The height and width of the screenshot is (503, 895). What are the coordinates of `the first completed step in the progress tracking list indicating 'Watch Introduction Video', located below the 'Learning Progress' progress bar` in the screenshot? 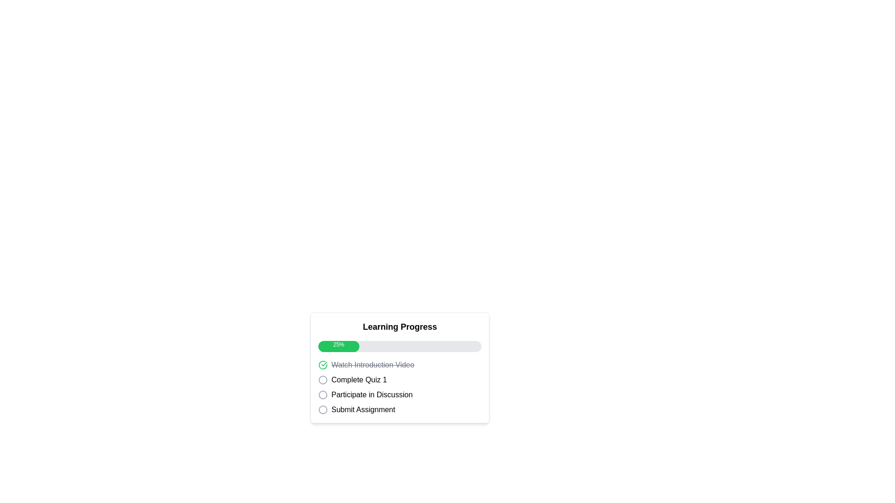 It's located at (400, 364).